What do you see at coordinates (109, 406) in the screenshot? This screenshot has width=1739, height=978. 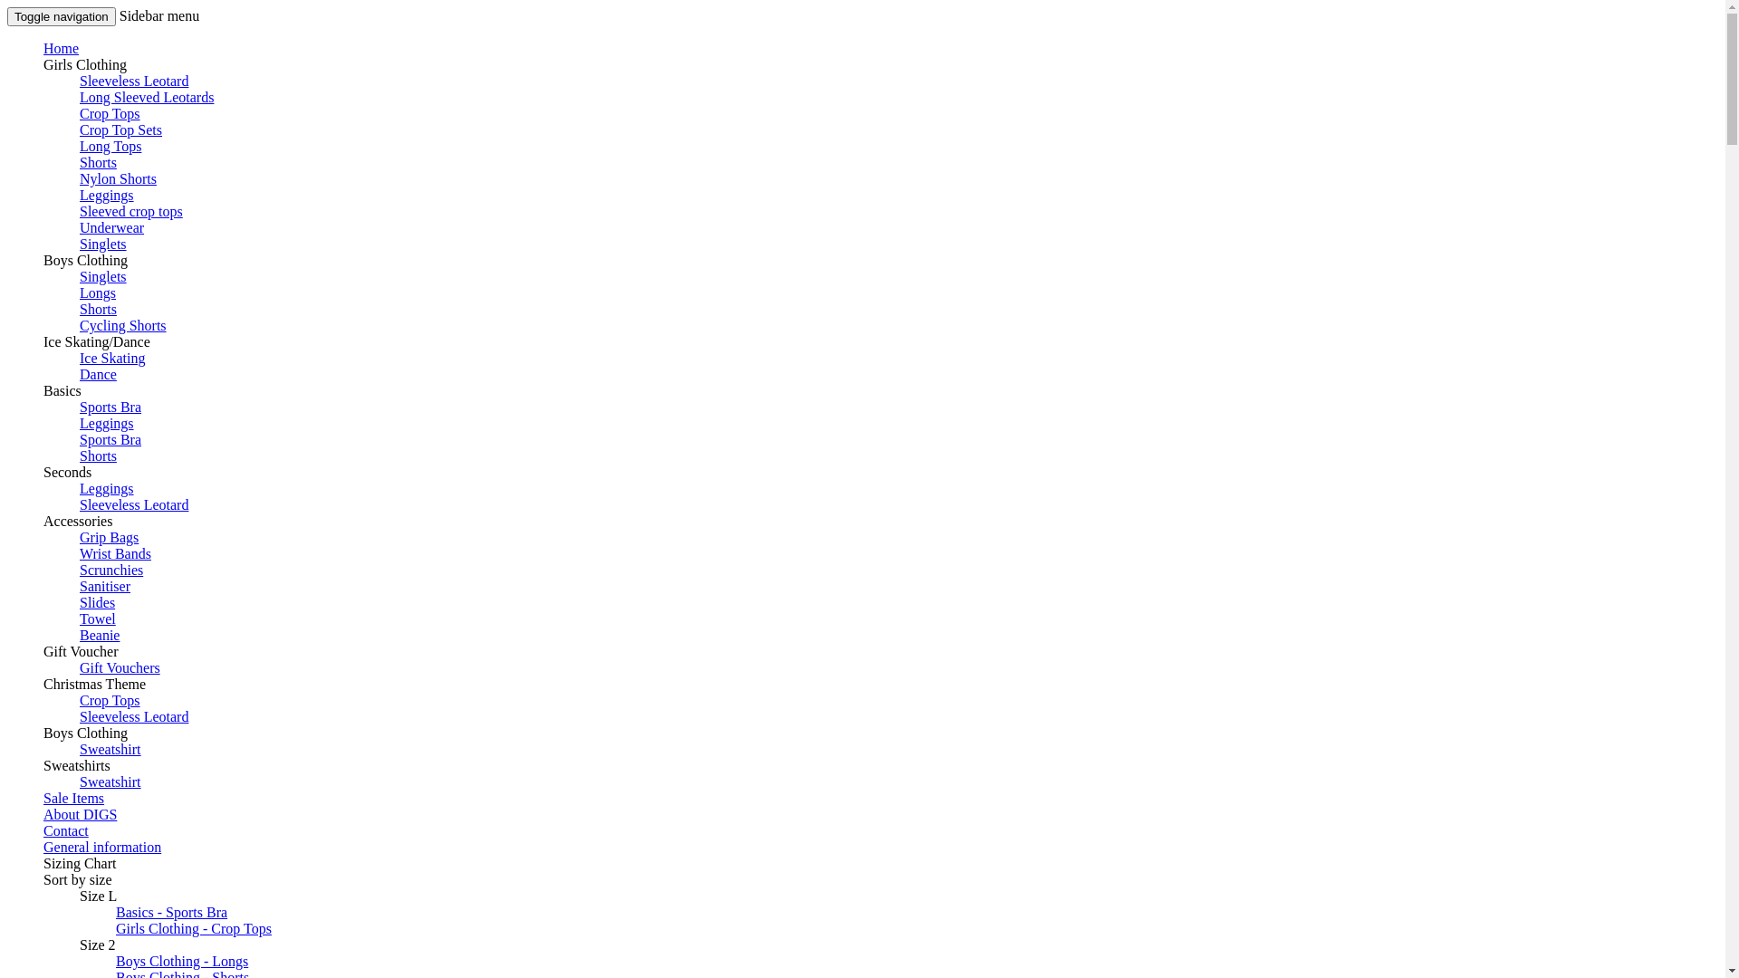 I see `'Sports Bra'` at bounding box center [109, 406].